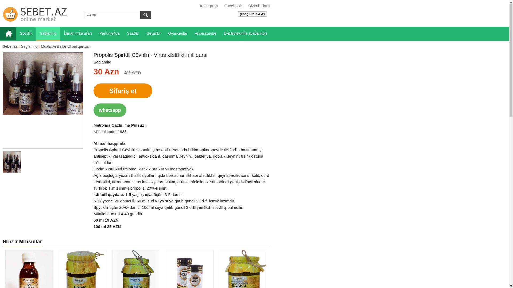  Describe the element at coordinates (191, 34) in the screenshot. I see `'Aksessuarlar'` at that location.